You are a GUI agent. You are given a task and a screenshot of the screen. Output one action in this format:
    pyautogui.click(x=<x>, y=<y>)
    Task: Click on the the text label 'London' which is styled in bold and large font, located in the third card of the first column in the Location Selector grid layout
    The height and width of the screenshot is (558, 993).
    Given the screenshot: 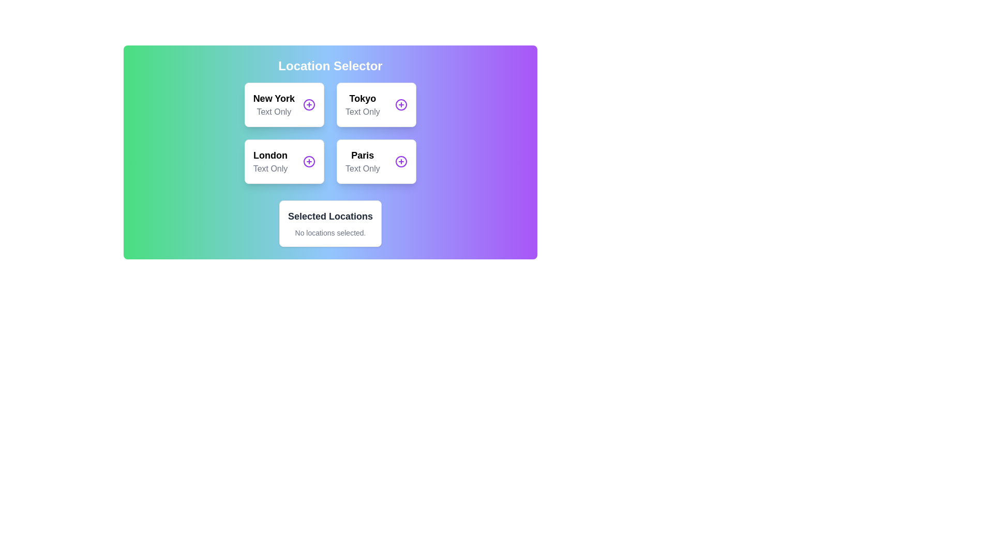 What is the action you would take?
    pyautogui.click(x=270, y=155)
    